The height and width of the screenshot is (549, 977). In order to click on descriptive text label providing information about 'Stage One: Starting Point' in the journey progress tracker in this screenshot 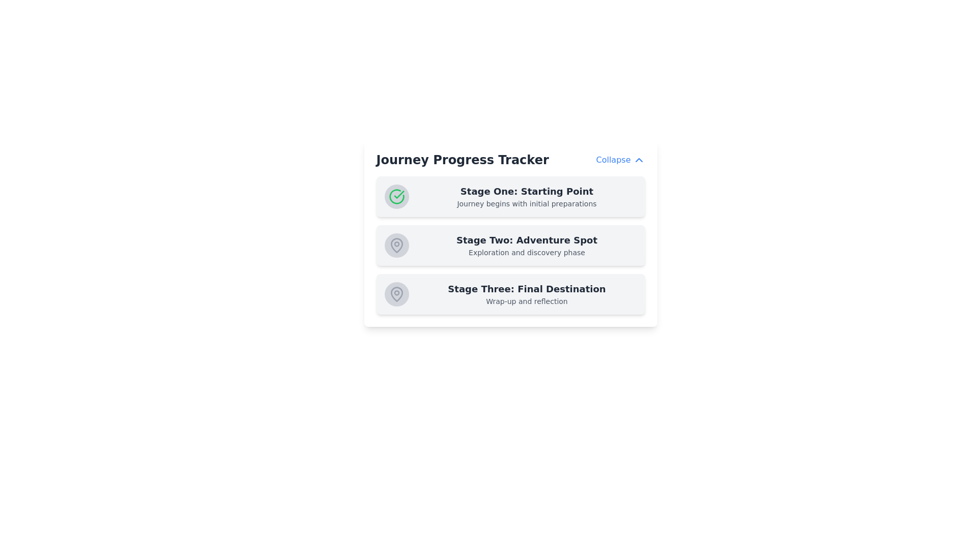, I will do `click(527, 204)`.